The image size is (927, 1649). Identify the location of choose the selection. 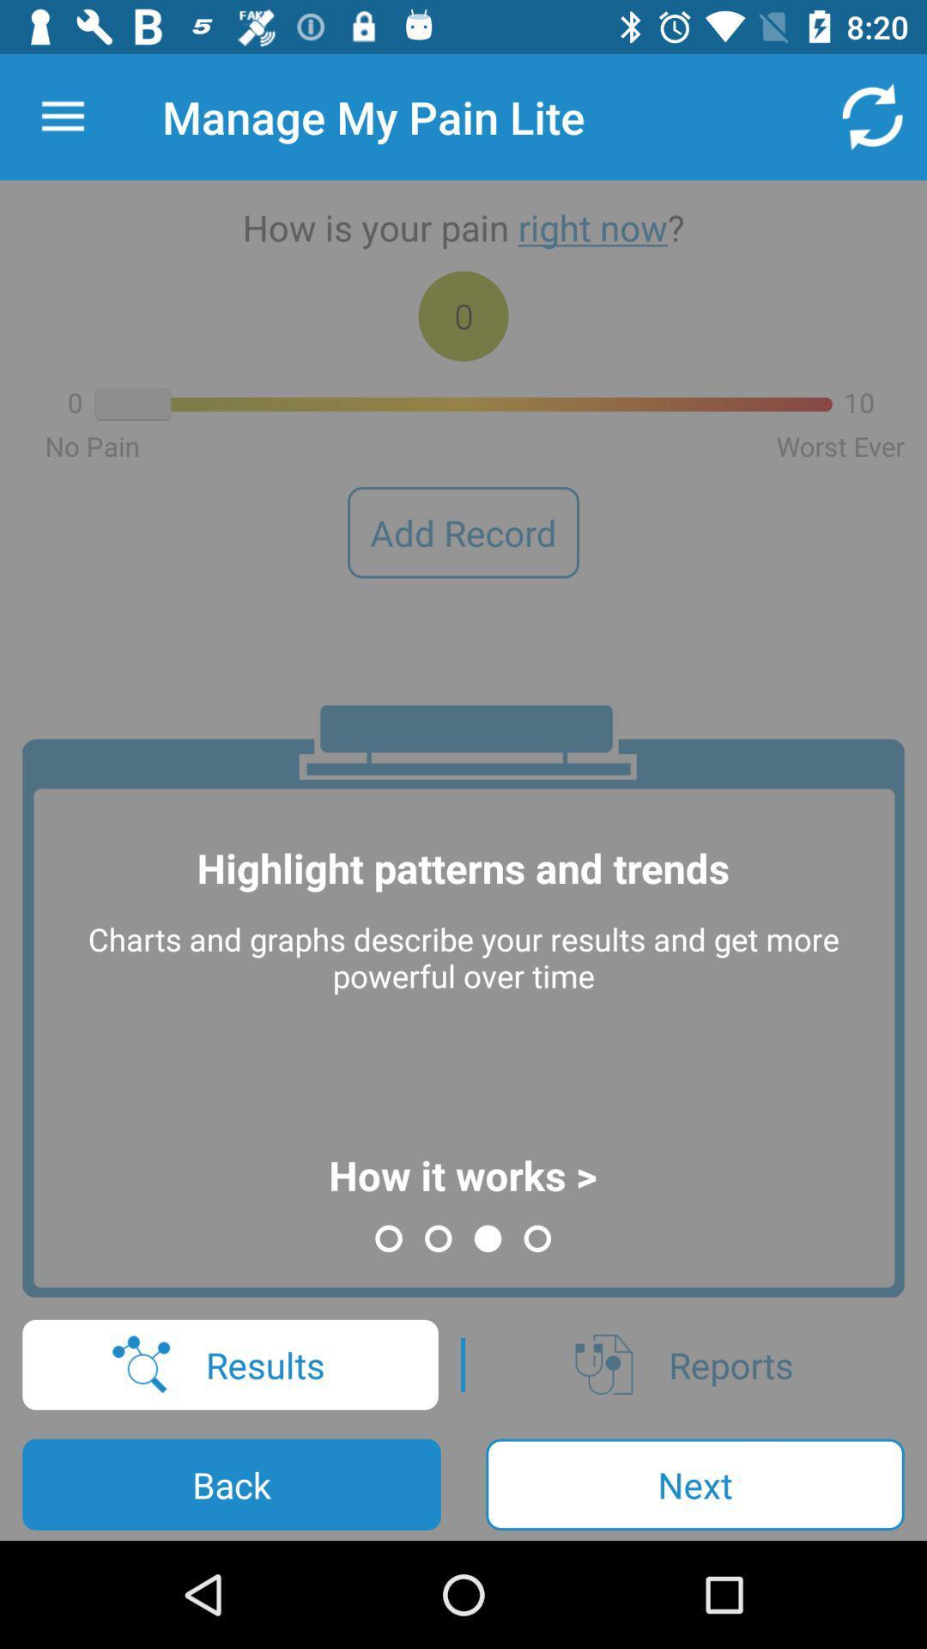
(62, 116).